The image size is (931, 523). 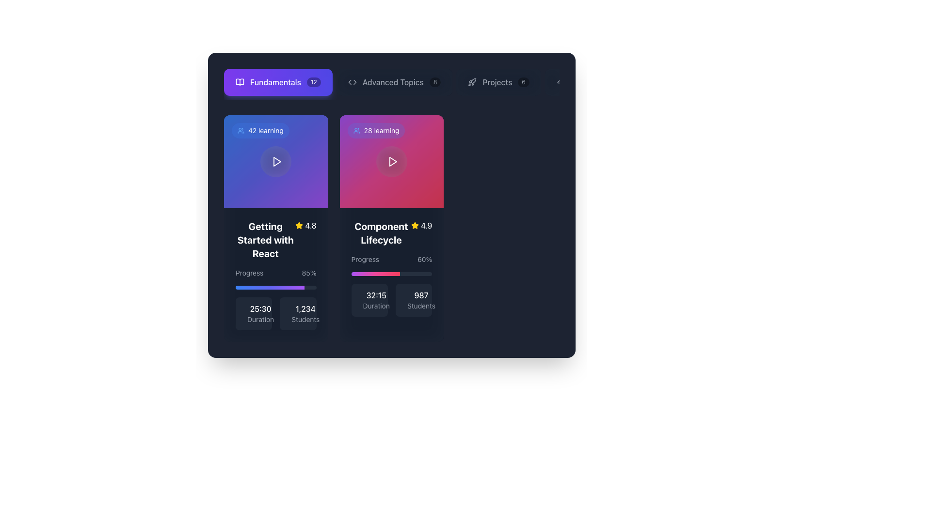 I want to click on text label indicating the 'Projects' section located in the horizontal navigation bar, positioned between 'Advanced Topics' and the number '6', so click(x=497, y=81).